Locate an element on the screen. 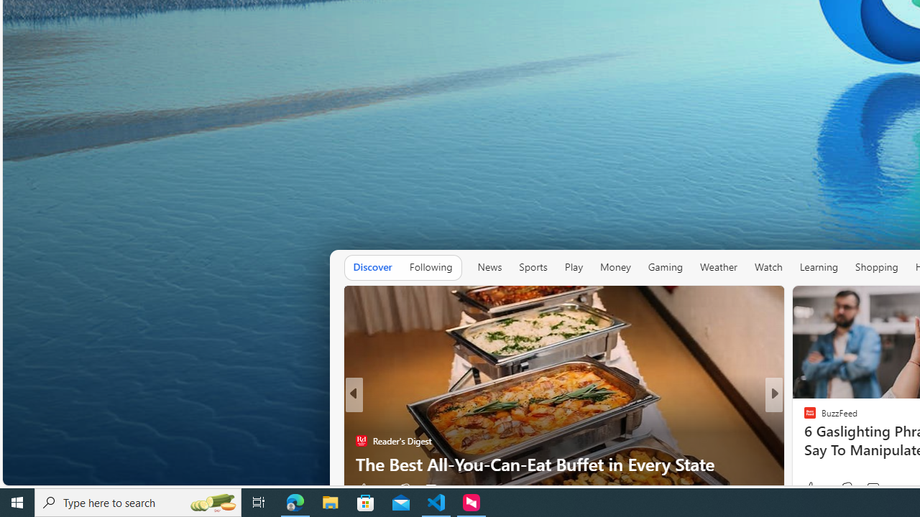 The image size is (920, 517). 'News' is located at coordinates (489, 267).